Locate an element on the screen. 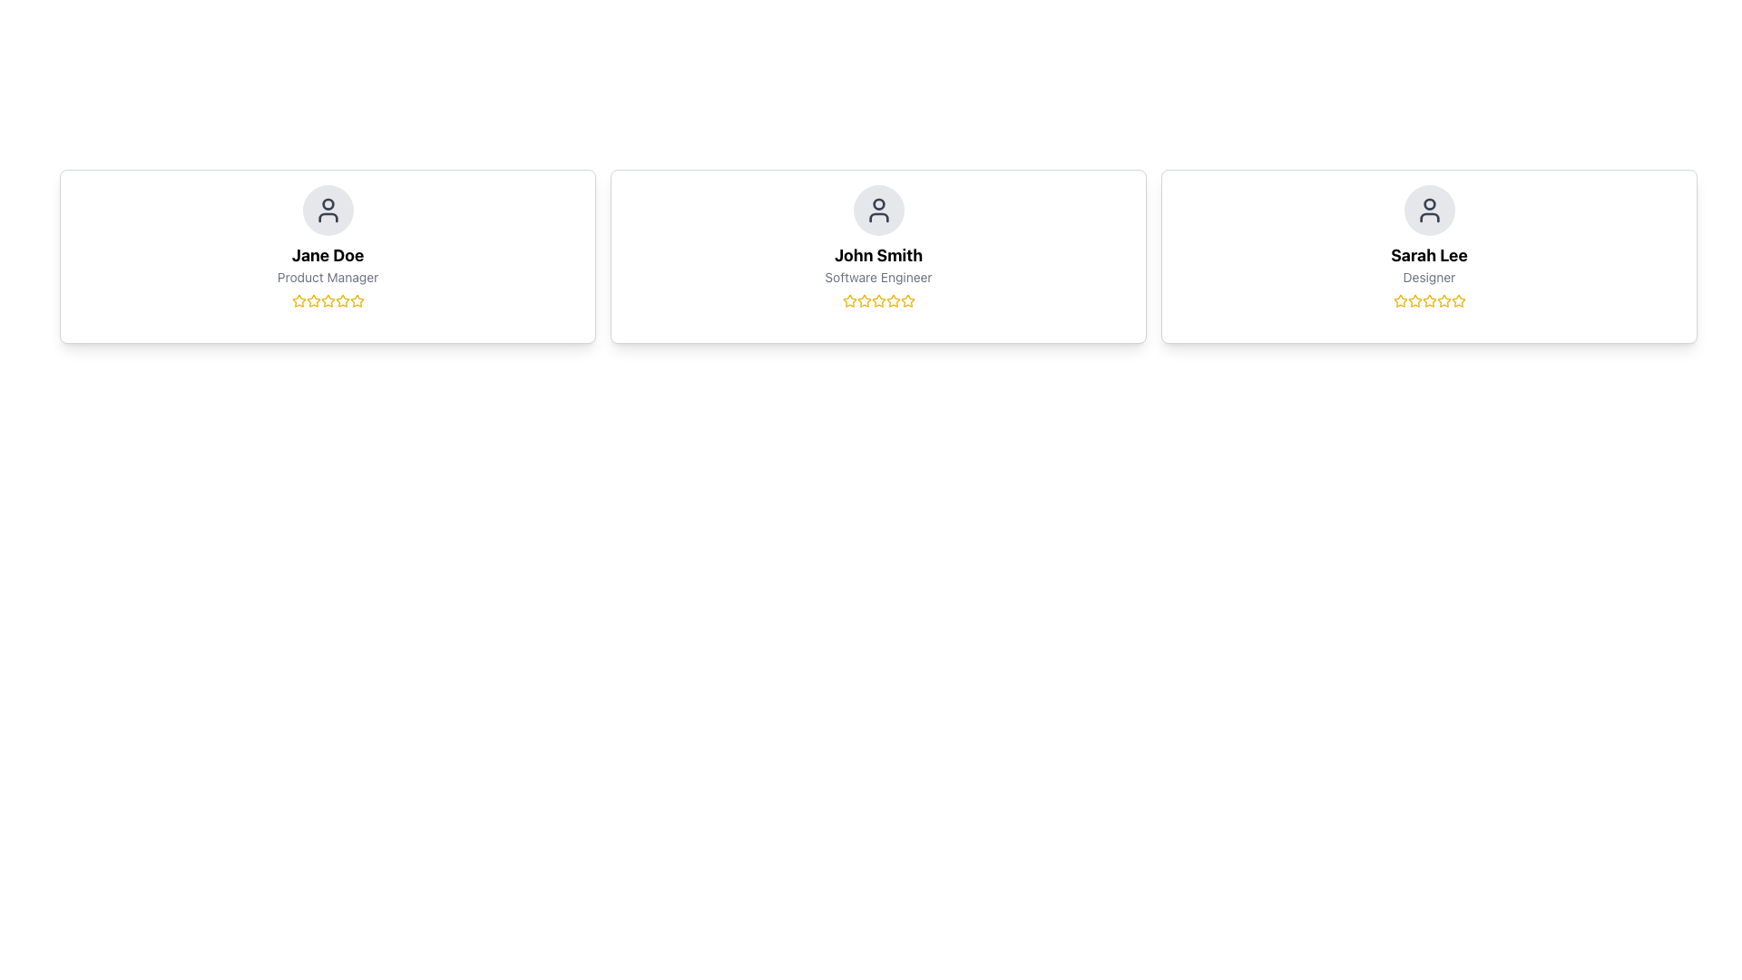  the fifth star in the star rating system for the card displaying 'John Smith' and 'Software Engineer' to set the rating is located at coordinates (906, 299).